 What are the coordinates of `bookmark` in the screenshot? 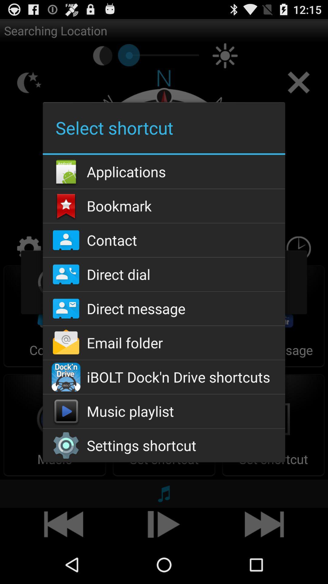 It's located at (164, 206).